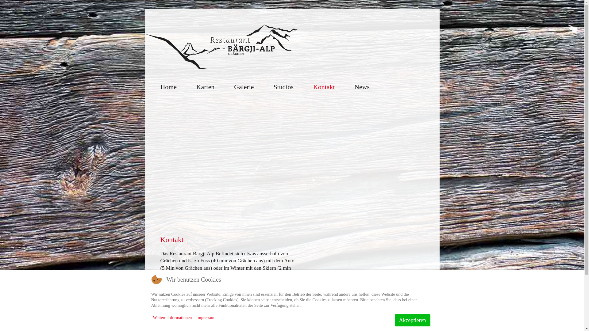  I want to click on 'Studios', so click(283, 87).